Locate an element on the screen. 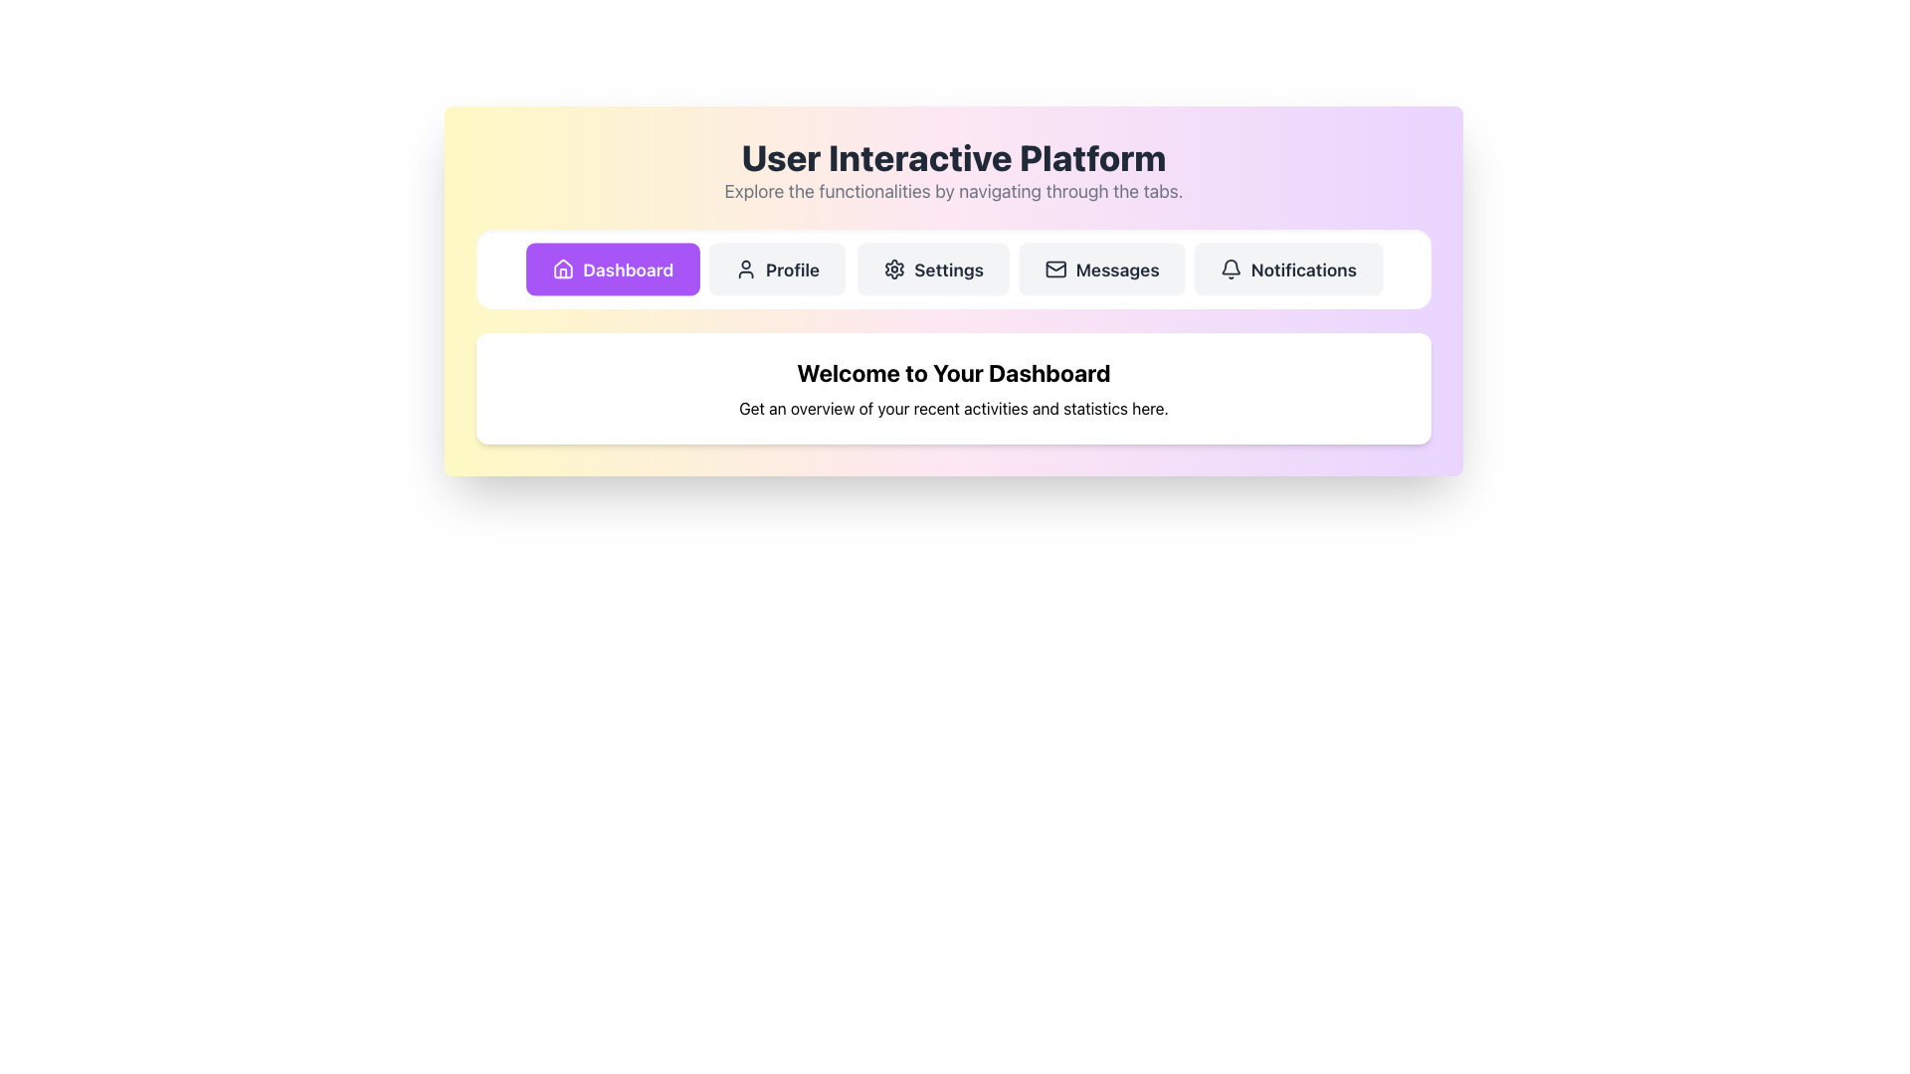  the Static Text Display that serves as an introduction to the dashboard, located below the navigation bar and centered in the upper-middle part of the layout is located at coordinates (953, 388).